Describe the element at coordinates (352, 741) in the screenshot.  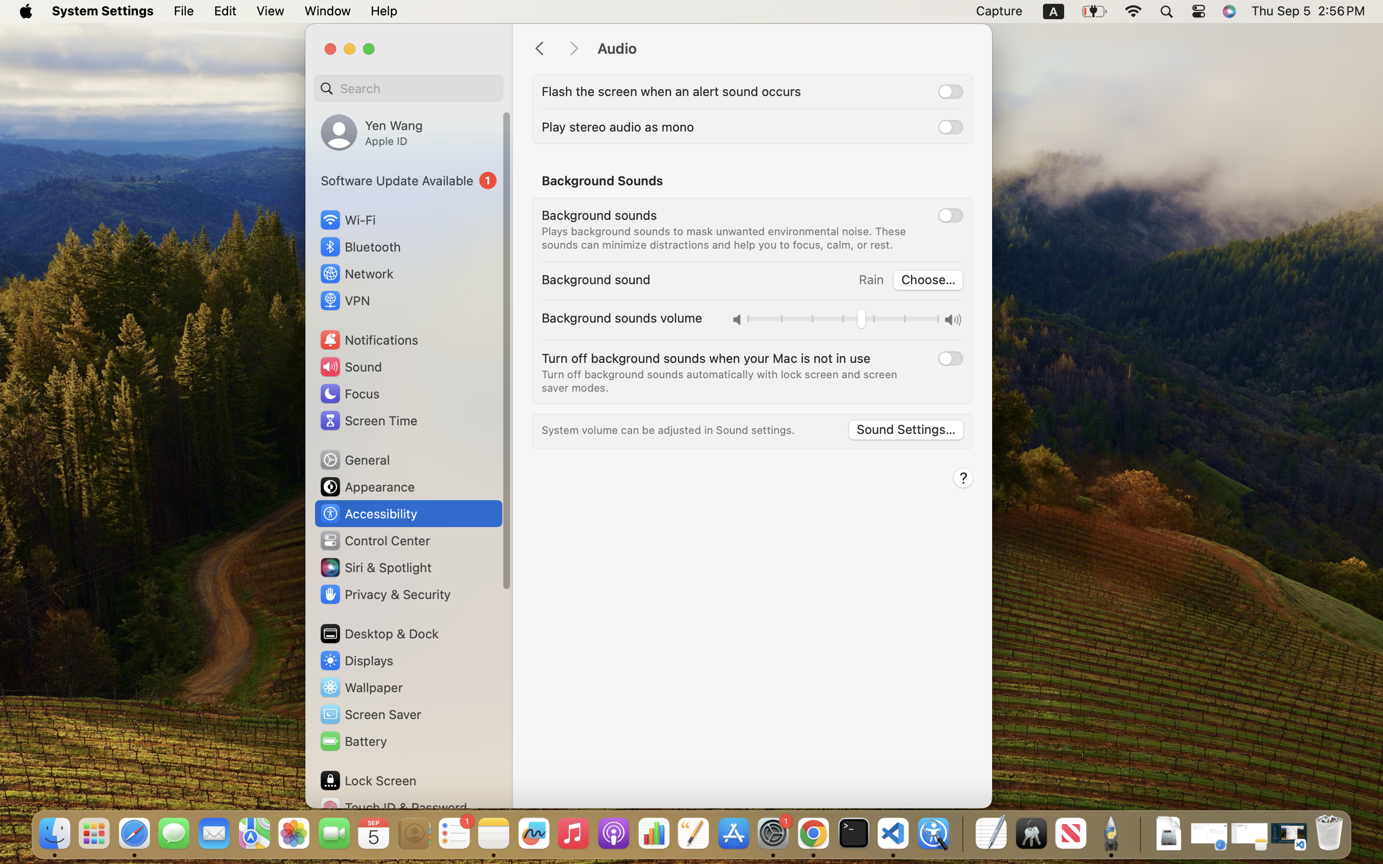
I see `'Battery'` at that location.